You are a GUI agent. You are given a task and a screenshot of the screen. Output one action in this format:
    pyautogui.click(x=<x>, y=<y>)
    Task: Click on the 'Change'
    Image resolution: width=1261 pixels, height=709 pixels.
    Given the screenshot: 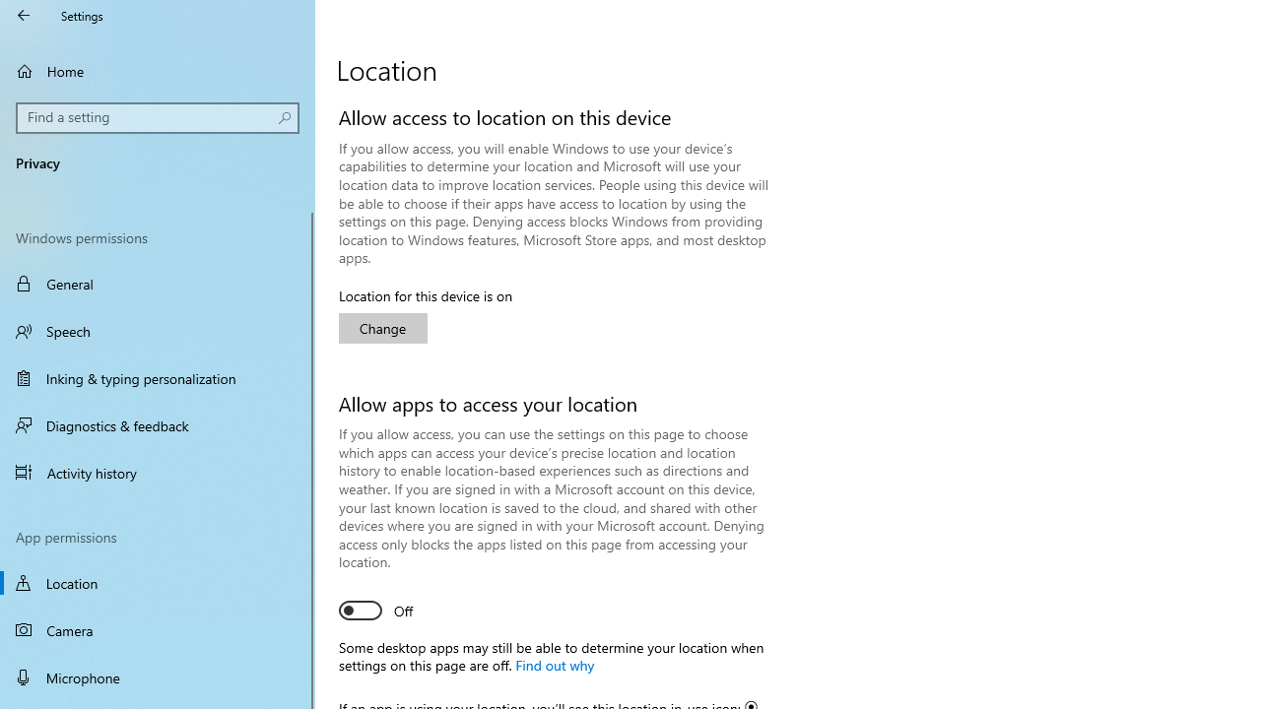 What is the action you would take?
    pyautogui.click(x=383, y=327)
    